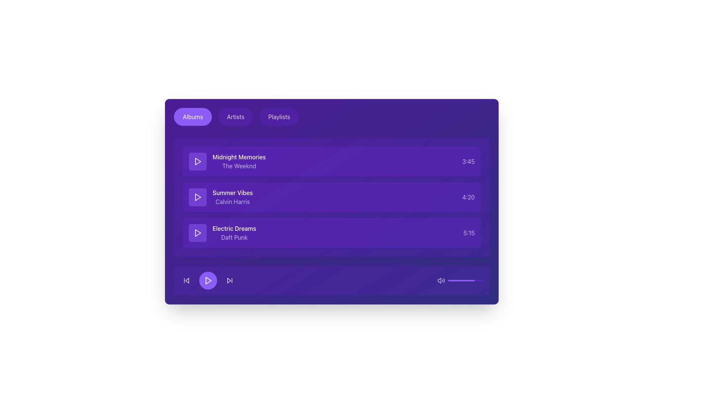  What do you see at coordinates (198, 161) in the screenshot?
I see `the play button, which is a light violet triangular icon within a rounded violet square, located in the top-left corner of the music track list next to 'Midnight Memories by The Weeknd'` at bounding box center [198, 161].